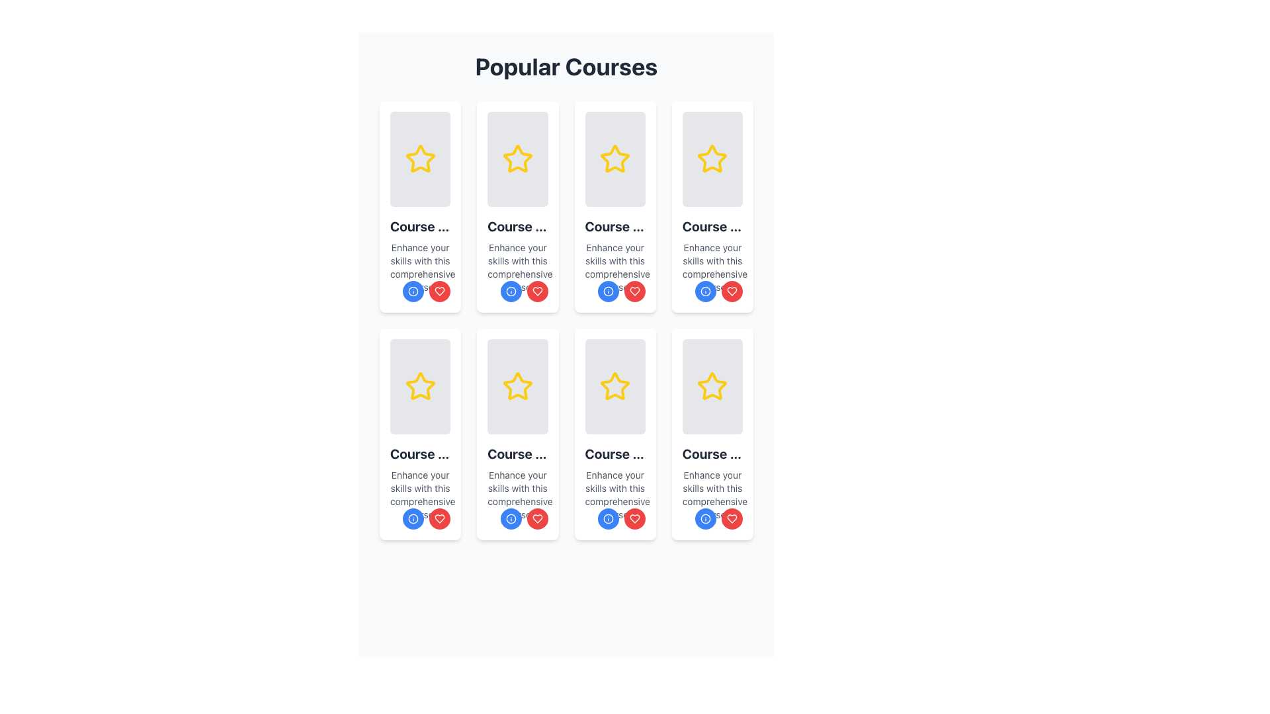  What do you see at coordinates (607, 290) in the screenshot?
I see `the circular icon located at the bottom section of a card component, which is part of a grid layout, positioned next to a heart-shaped icon` at bounding box center [607, 290].